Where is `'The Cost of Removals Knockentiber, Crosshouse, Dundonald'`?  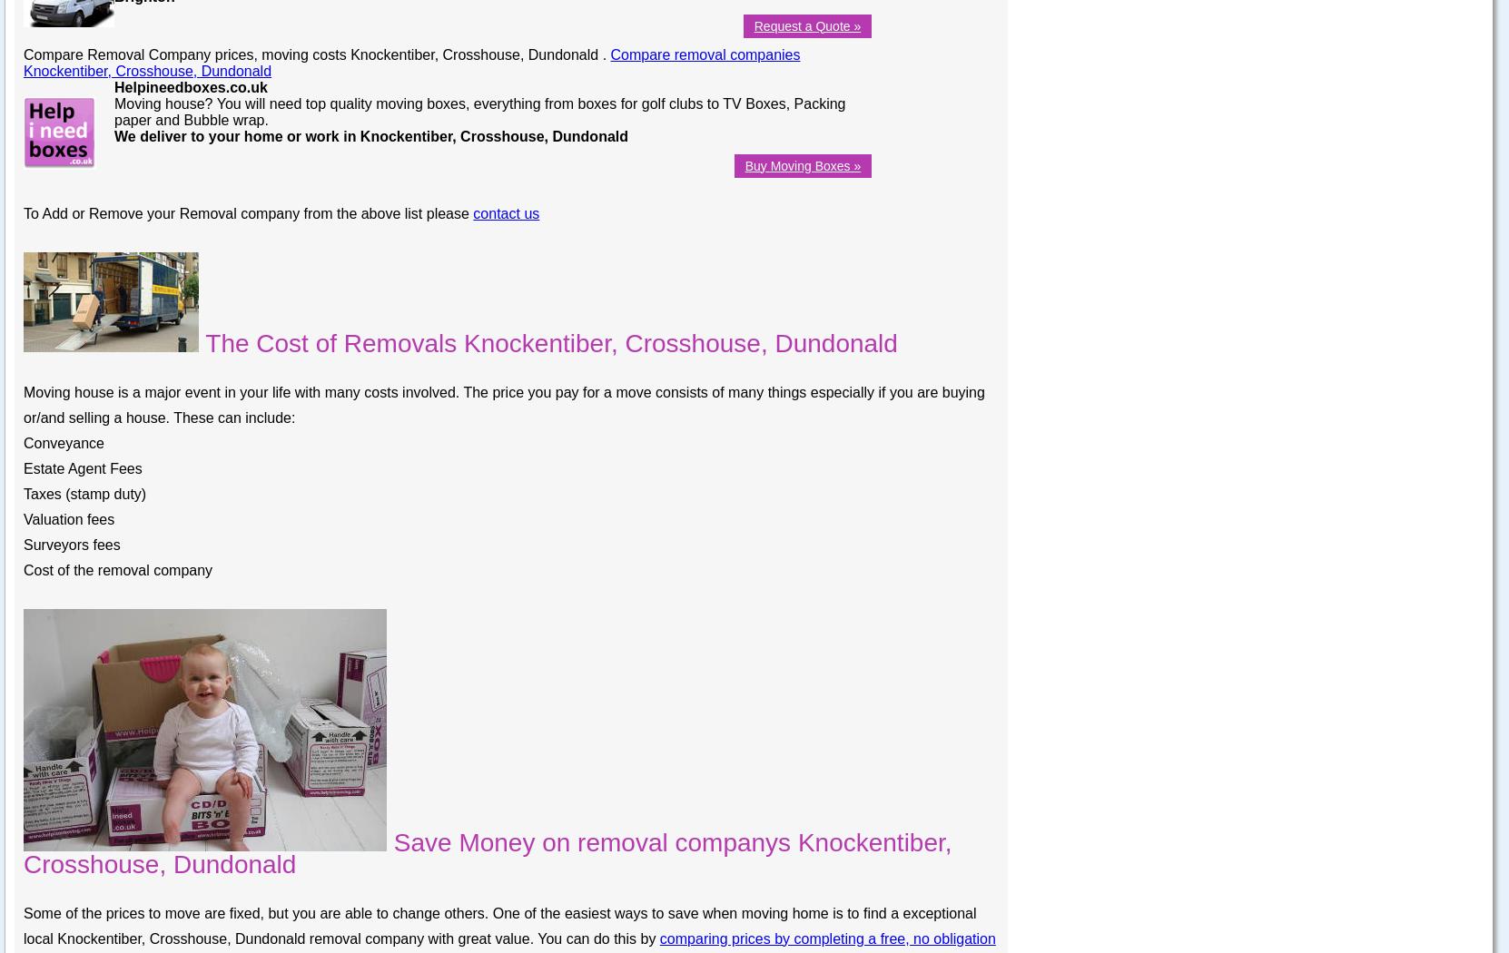
'The Cost of Removals Knockentiber, Crosshouse, Dundonald' is located at coordinates (547, 342).